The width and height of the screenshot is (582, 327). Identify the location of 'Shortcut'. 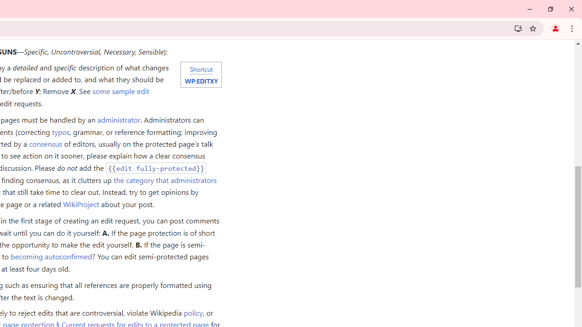
(201, 68).